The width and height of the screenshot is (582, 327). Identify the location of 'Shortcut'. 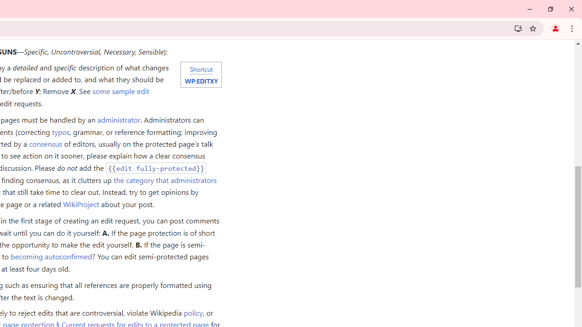
(201, 68).